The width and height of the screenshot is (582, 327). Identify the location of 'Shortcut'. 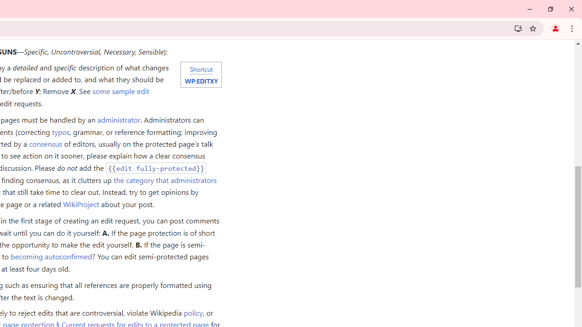
(201, 68).